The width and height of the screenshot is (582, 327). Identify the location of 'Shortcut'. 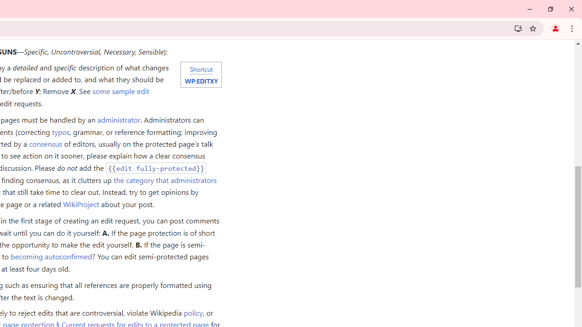
(201, 68).